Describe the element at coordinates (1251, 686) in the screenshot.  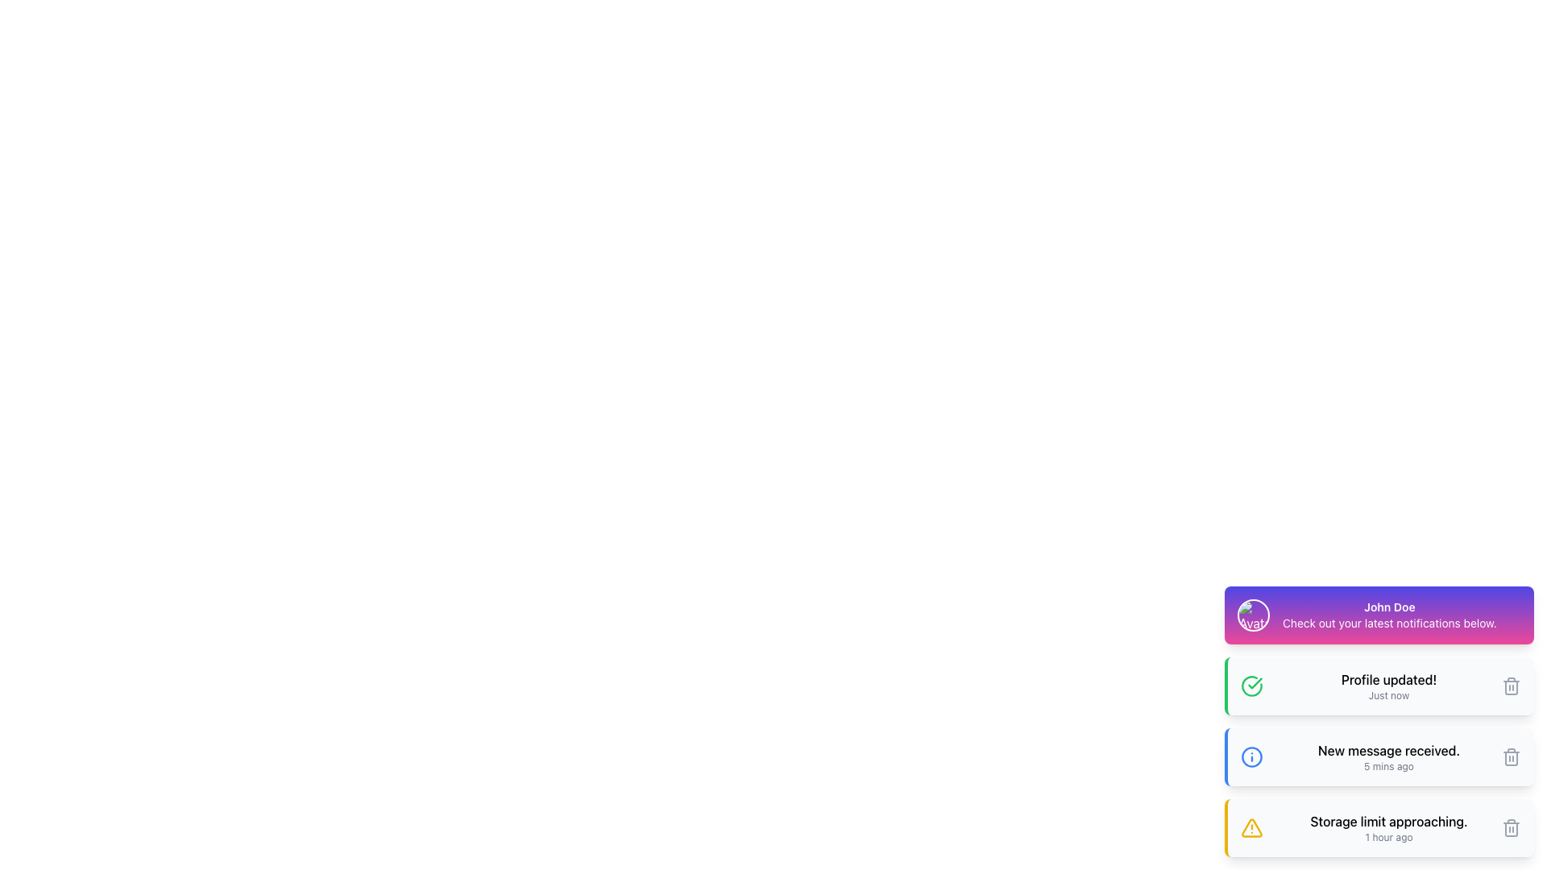
I see `the circular icon featuring a green checkmark, located to the left of the text 'Profile updated!' in the notification component` at that location.